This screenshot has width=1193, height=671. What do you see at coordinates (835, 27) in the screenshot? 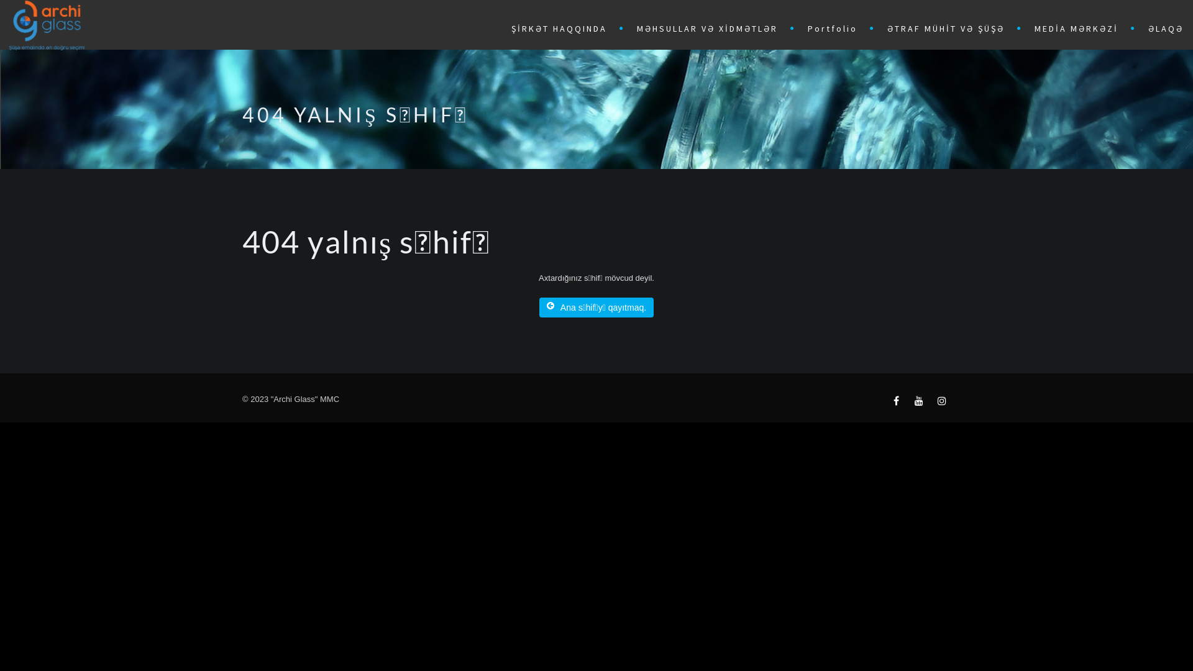
I see `'Portfolio'` at bounding box center [835, 27].